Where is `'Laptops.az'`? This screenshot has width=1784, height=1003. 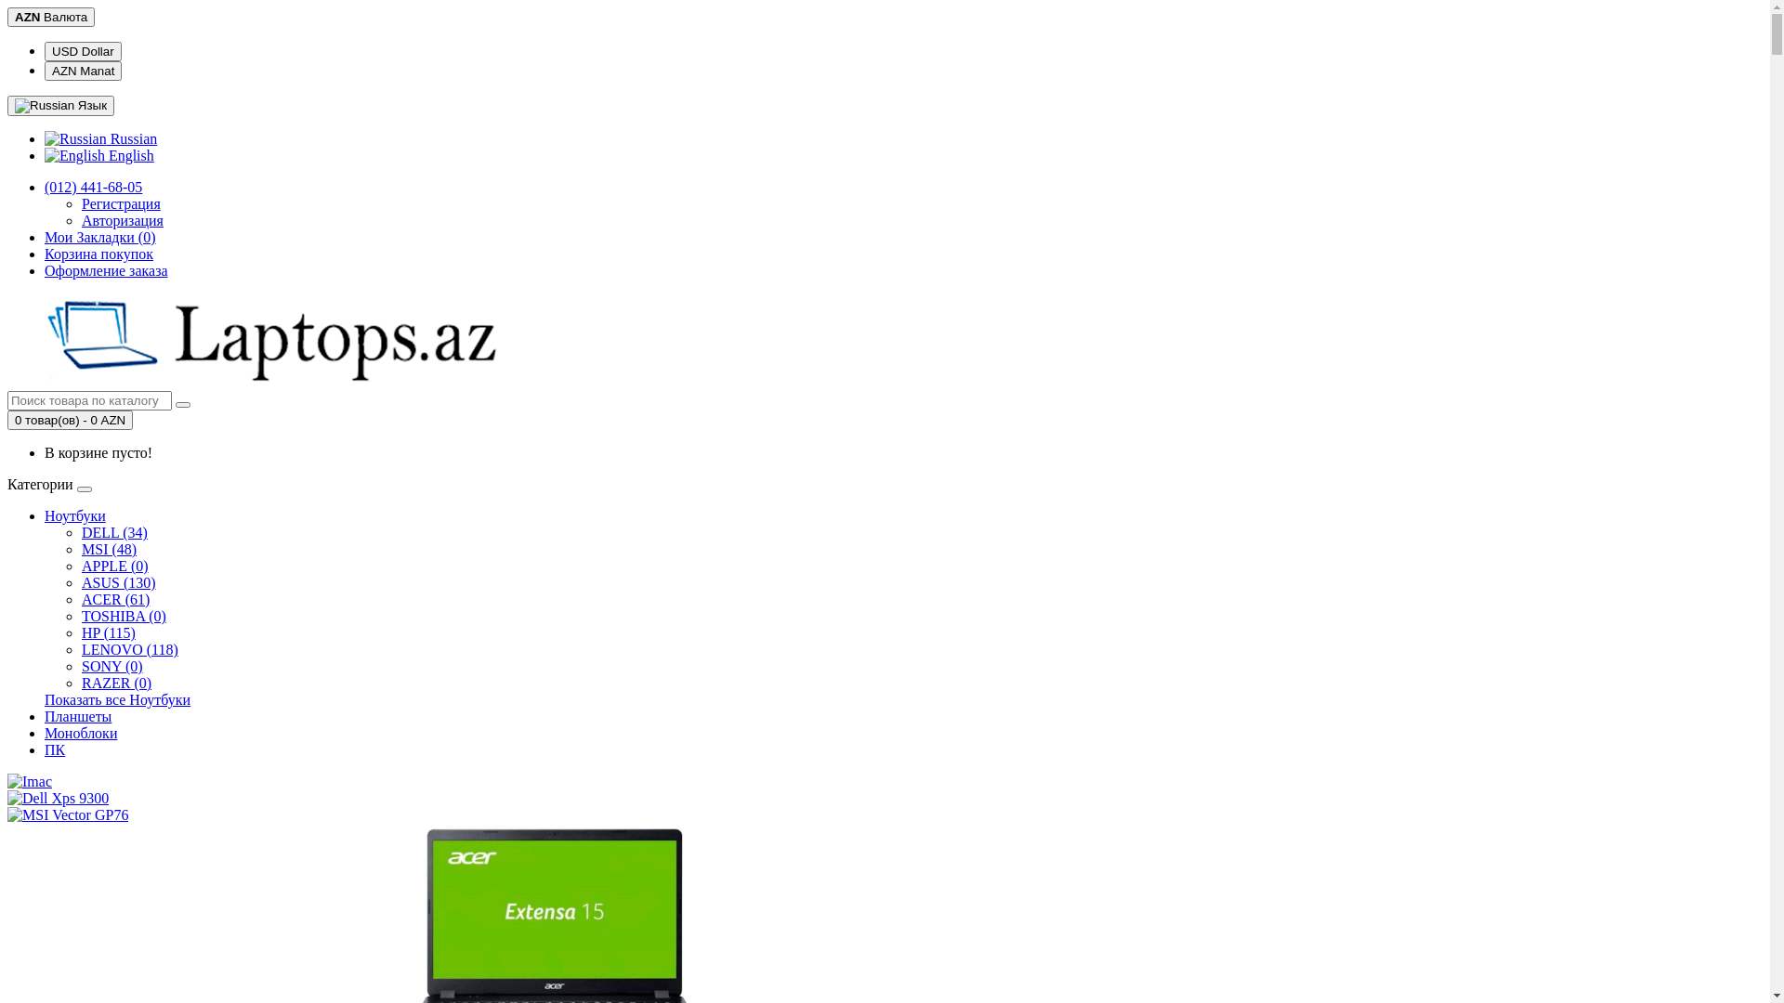 'Laptops.az' is located at coordinates (7, 340).